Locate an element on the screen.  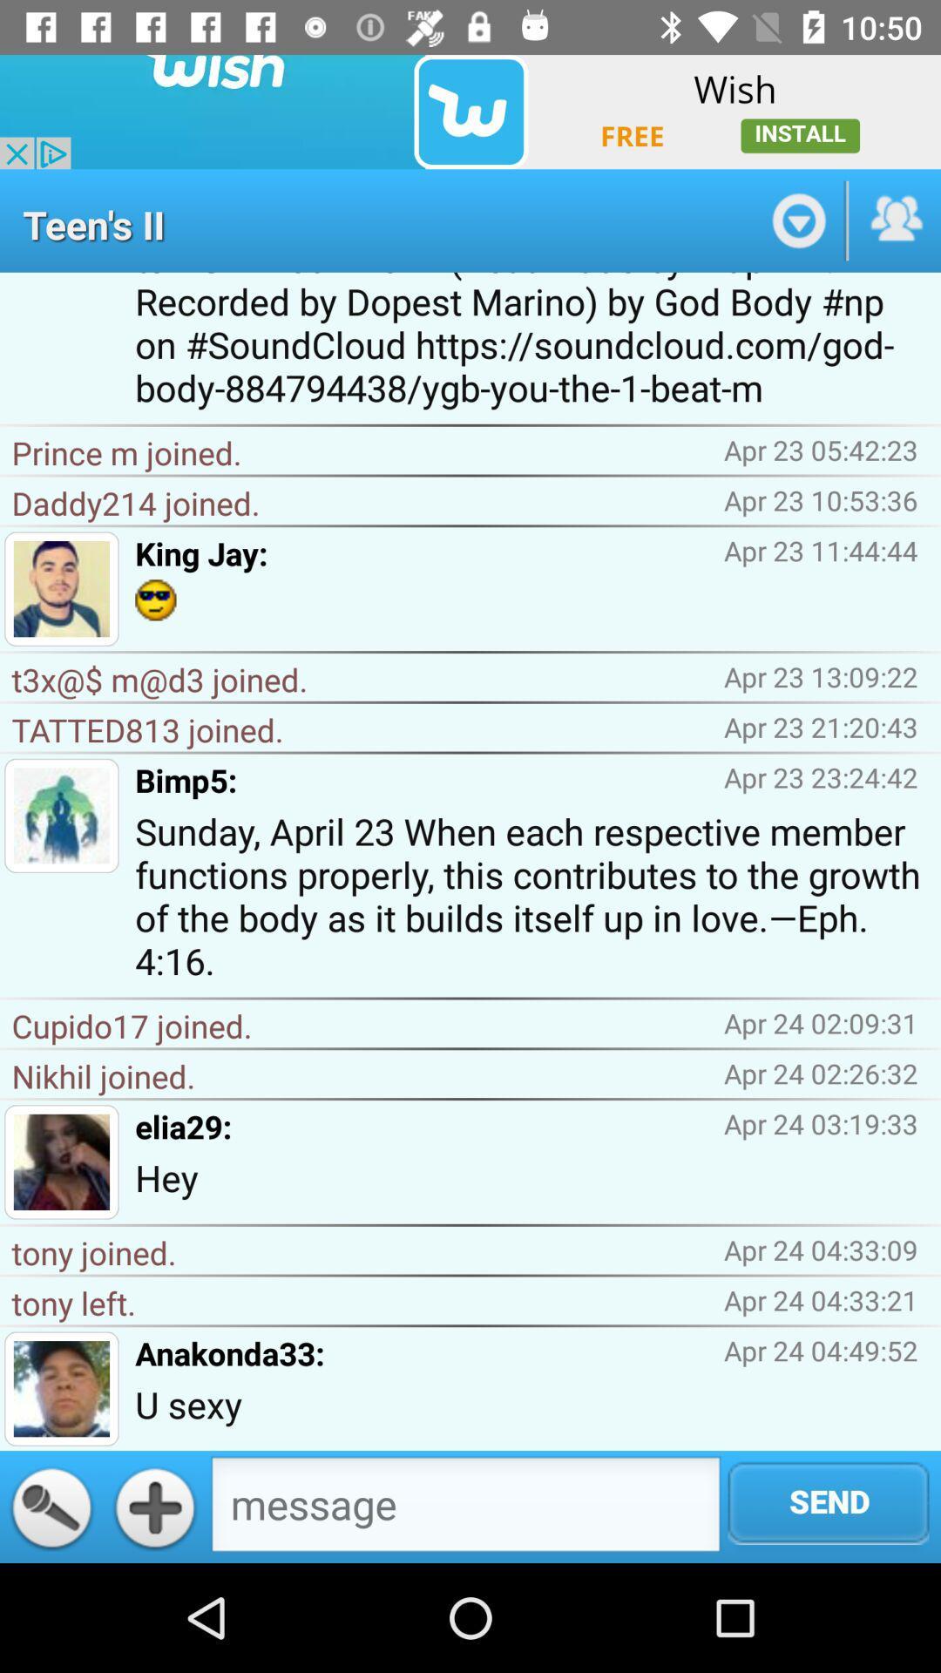
friends list is located at coordinates (895, 220).